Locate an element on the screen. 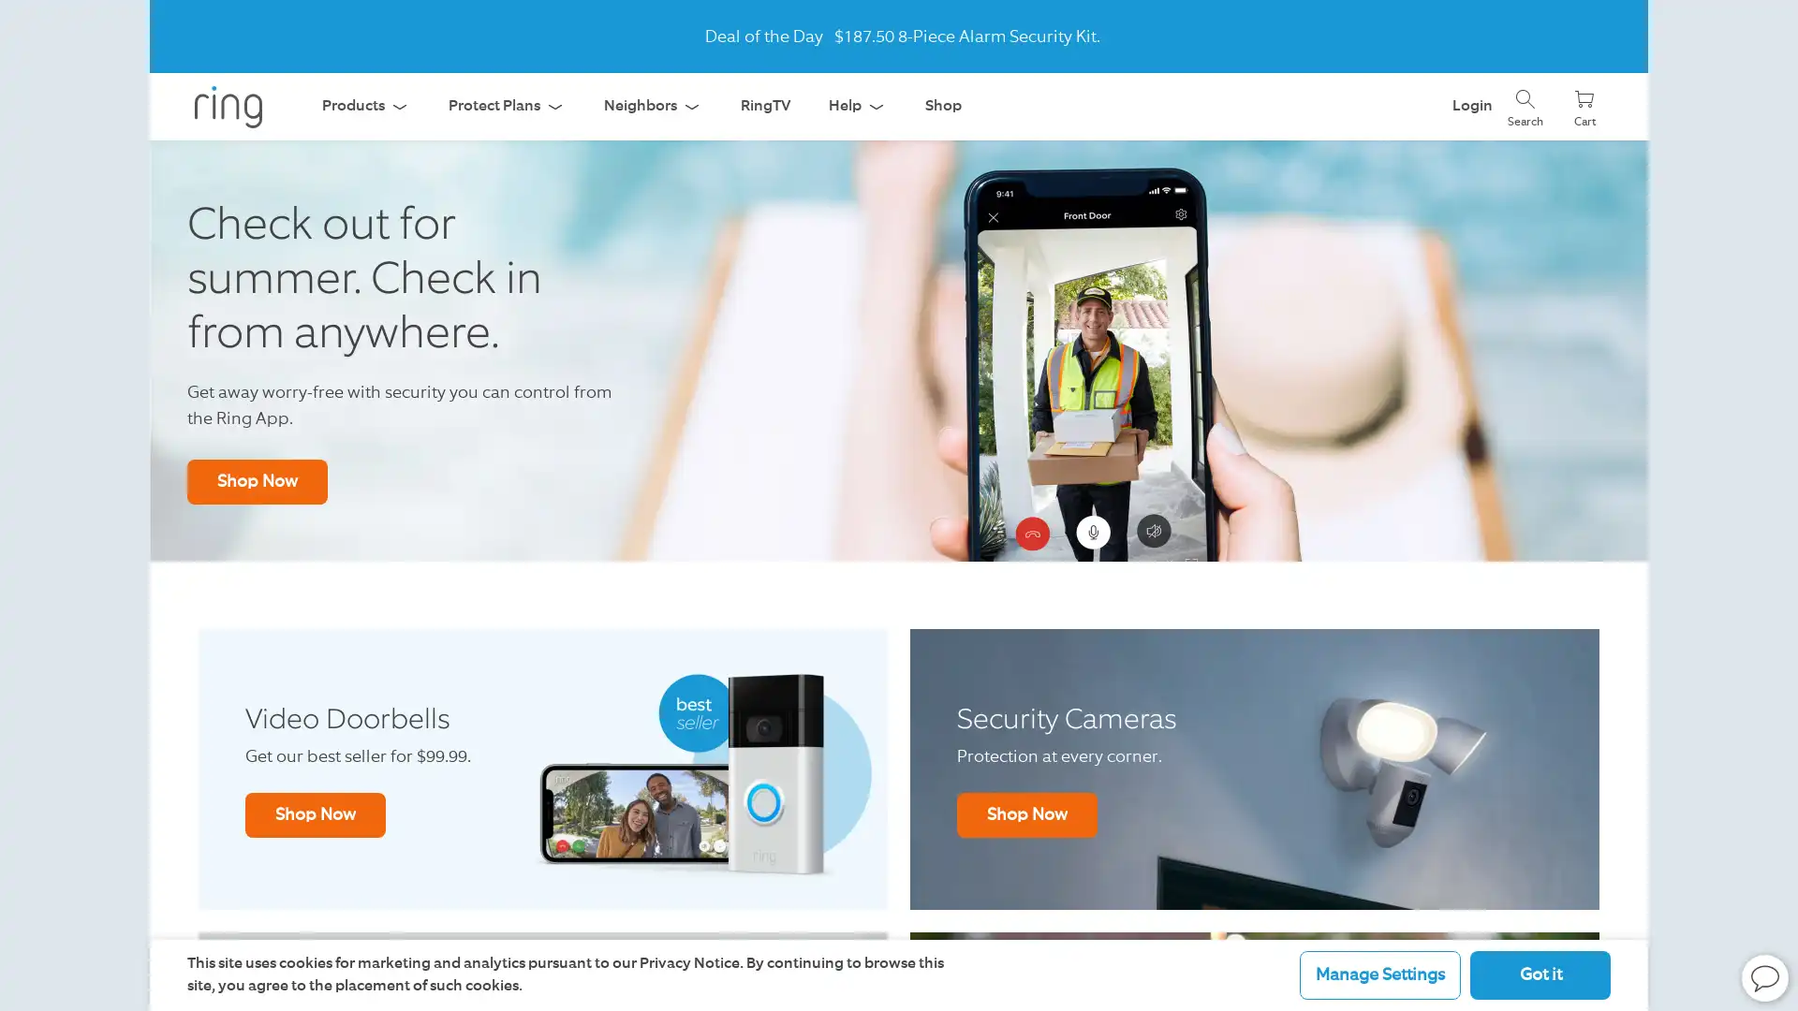 Image resolution: width=1798 pixels, height=1011 pixels. Shop Now is located at coordinates (315, 814).